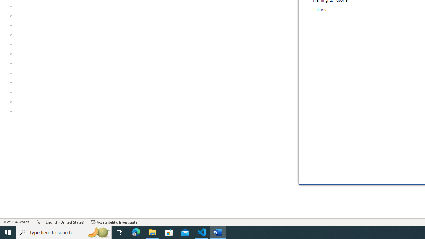 The width and height of the screenshot is (425, 239). I want to click on 'Word Count 0 of 184 words', so click(16, 222).